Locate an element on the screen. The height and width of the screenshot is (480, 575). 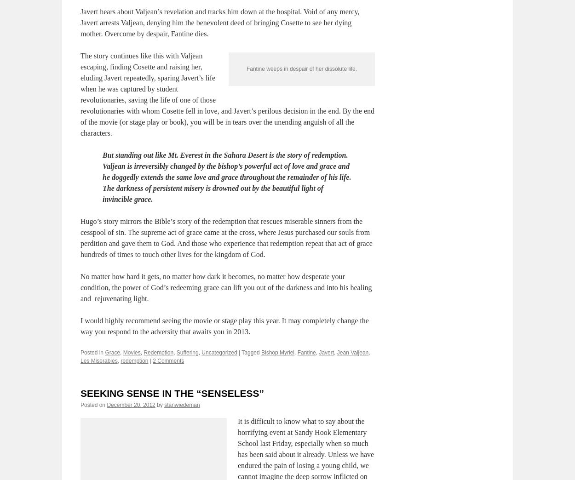
'Posted on' is located at coordinates (80, 448).